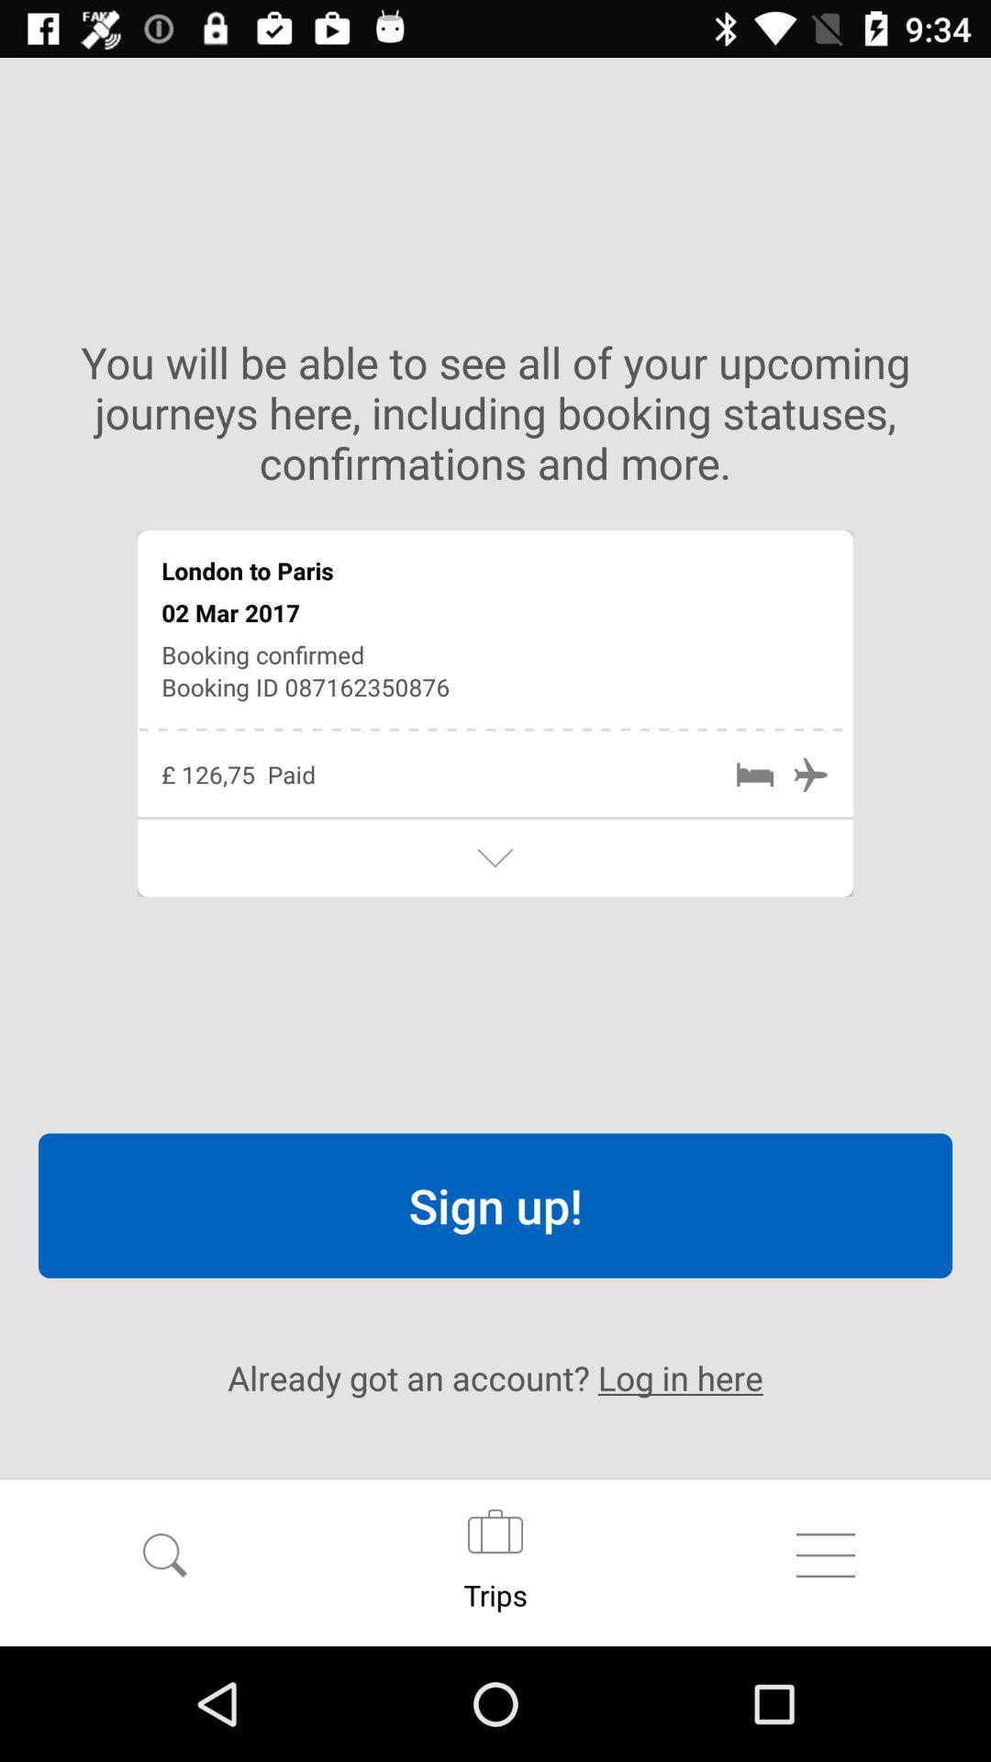  Describe the element at coordinates (495, 1206) in the screenshot. I see `item above already got an item` at that location.